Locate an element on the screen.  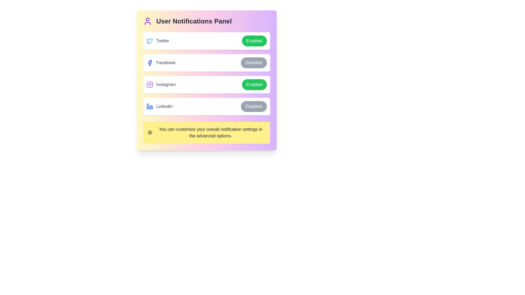
the Facebook logo in the horizontal list item is located at coordinates (206, 63).